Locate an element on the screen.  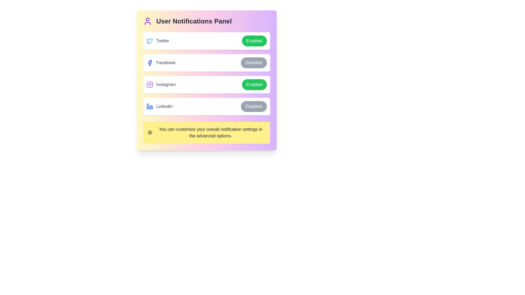
the Facebook logo in the horizontal list item is located at coordinates (206, 63).